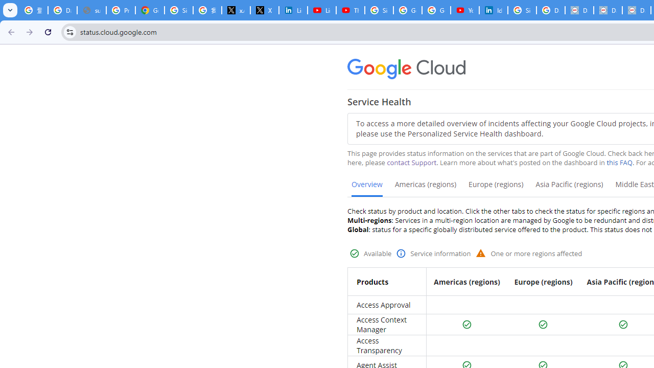 The height and width of the screenshot is (368, 654). I want to click on 'Warning status', so click(480, 253).